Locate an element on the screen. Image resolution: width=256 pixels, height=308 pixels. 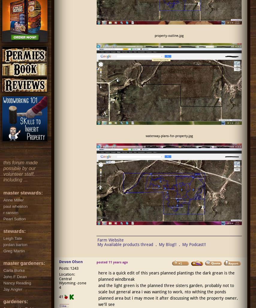
'and the light green is the planned three sisters garden, probably not to scale but general area i was wanting to work, nto withing the ponds planned area but i may move it after discussing with the property owner, we'll see' is located at coordinates (167, 295).